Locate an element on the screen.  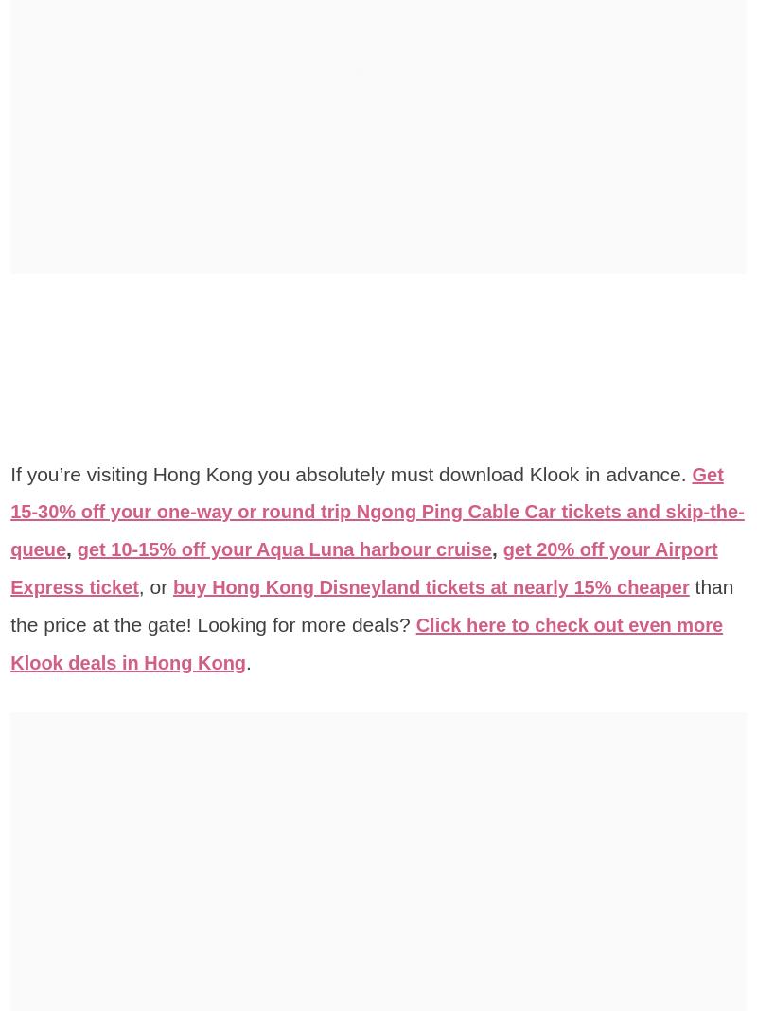
'Click here to check out even more Klook deals in Hong Kong' is located at coordinates (365, 642).